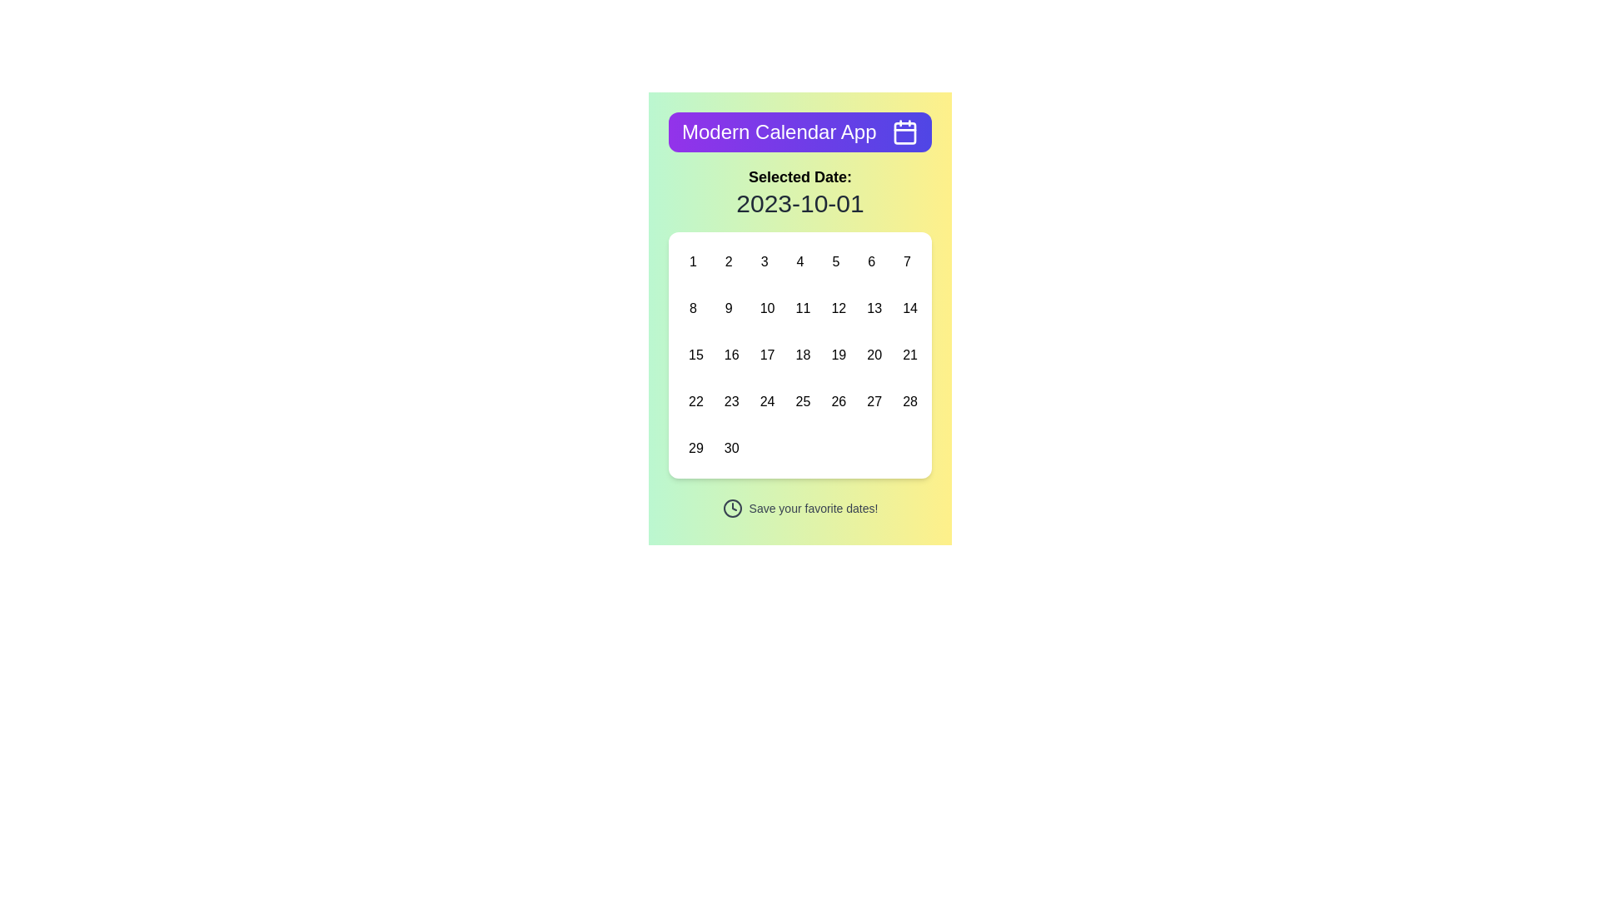 This screenshot has width=1599, height=899. Describe the element at coordinates (732, 507) in the screenshot. I see `the time or schedule icon located to the left of the text 'Save your favorite dates!' in the horizontal flexbox arrangement` at that location.